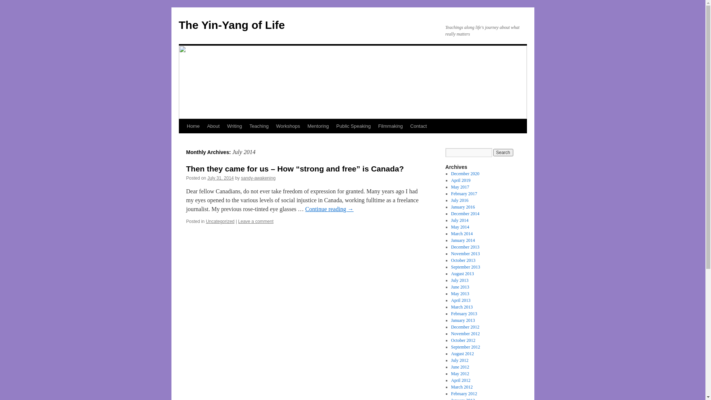  What do you see at coordinates (465, 174) in the screenshot?
I see `'December 2020'` at bounding box center [465, 174].